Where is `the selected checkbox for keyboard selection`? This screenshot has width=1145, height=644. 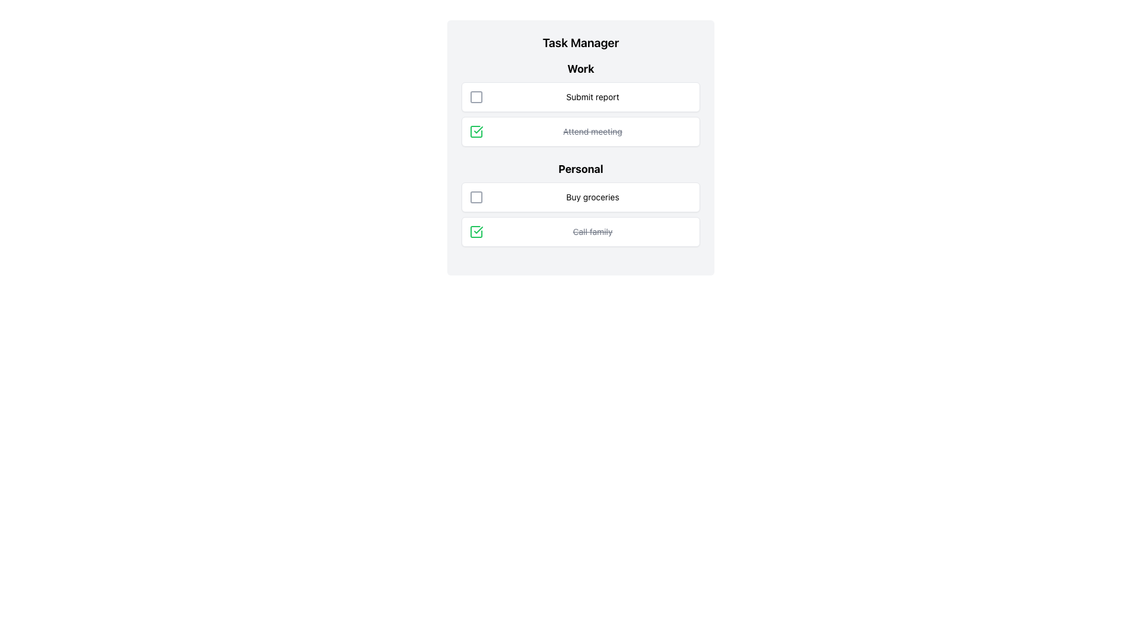
the selected checkbox for keyboard selection is located at coordinates (475, 232).